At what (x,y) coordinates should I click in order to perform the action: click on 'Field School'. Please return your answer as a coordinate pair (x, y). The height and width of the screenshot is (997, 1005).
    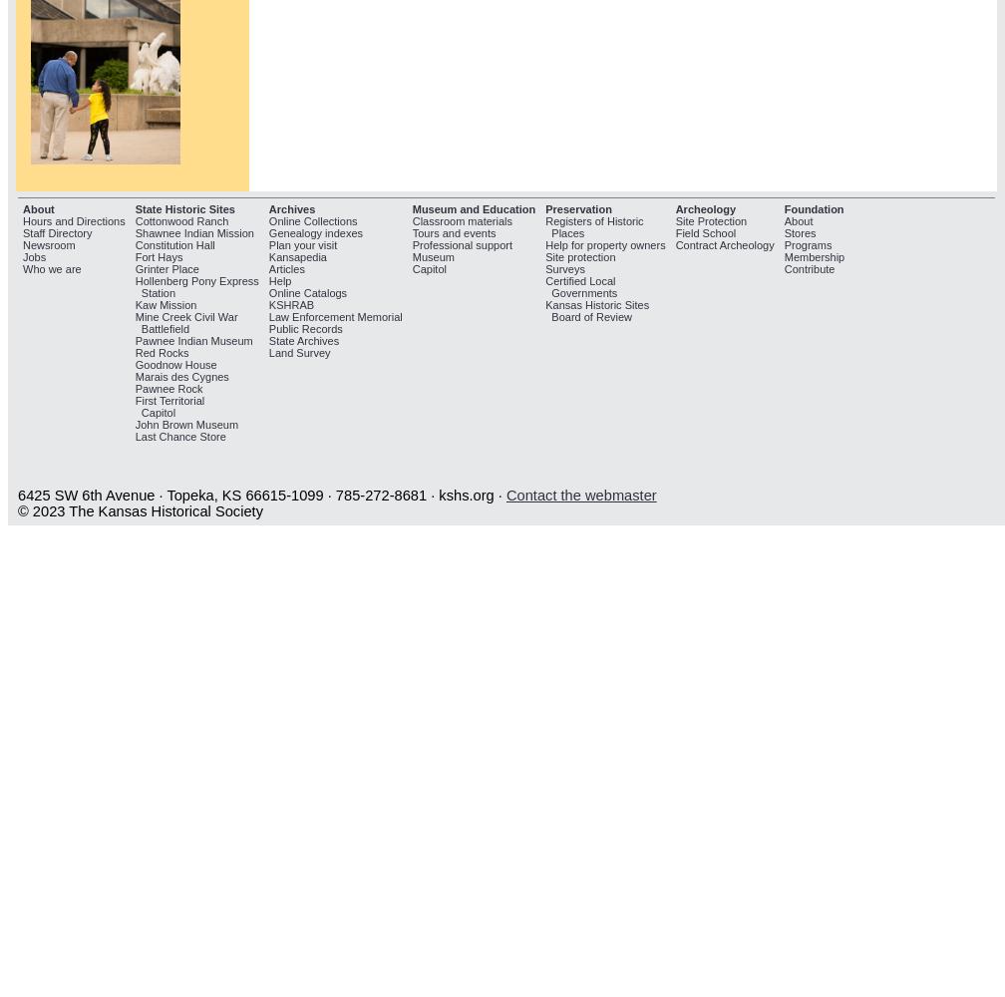
    Looking at the image, I should click on (674, 231).